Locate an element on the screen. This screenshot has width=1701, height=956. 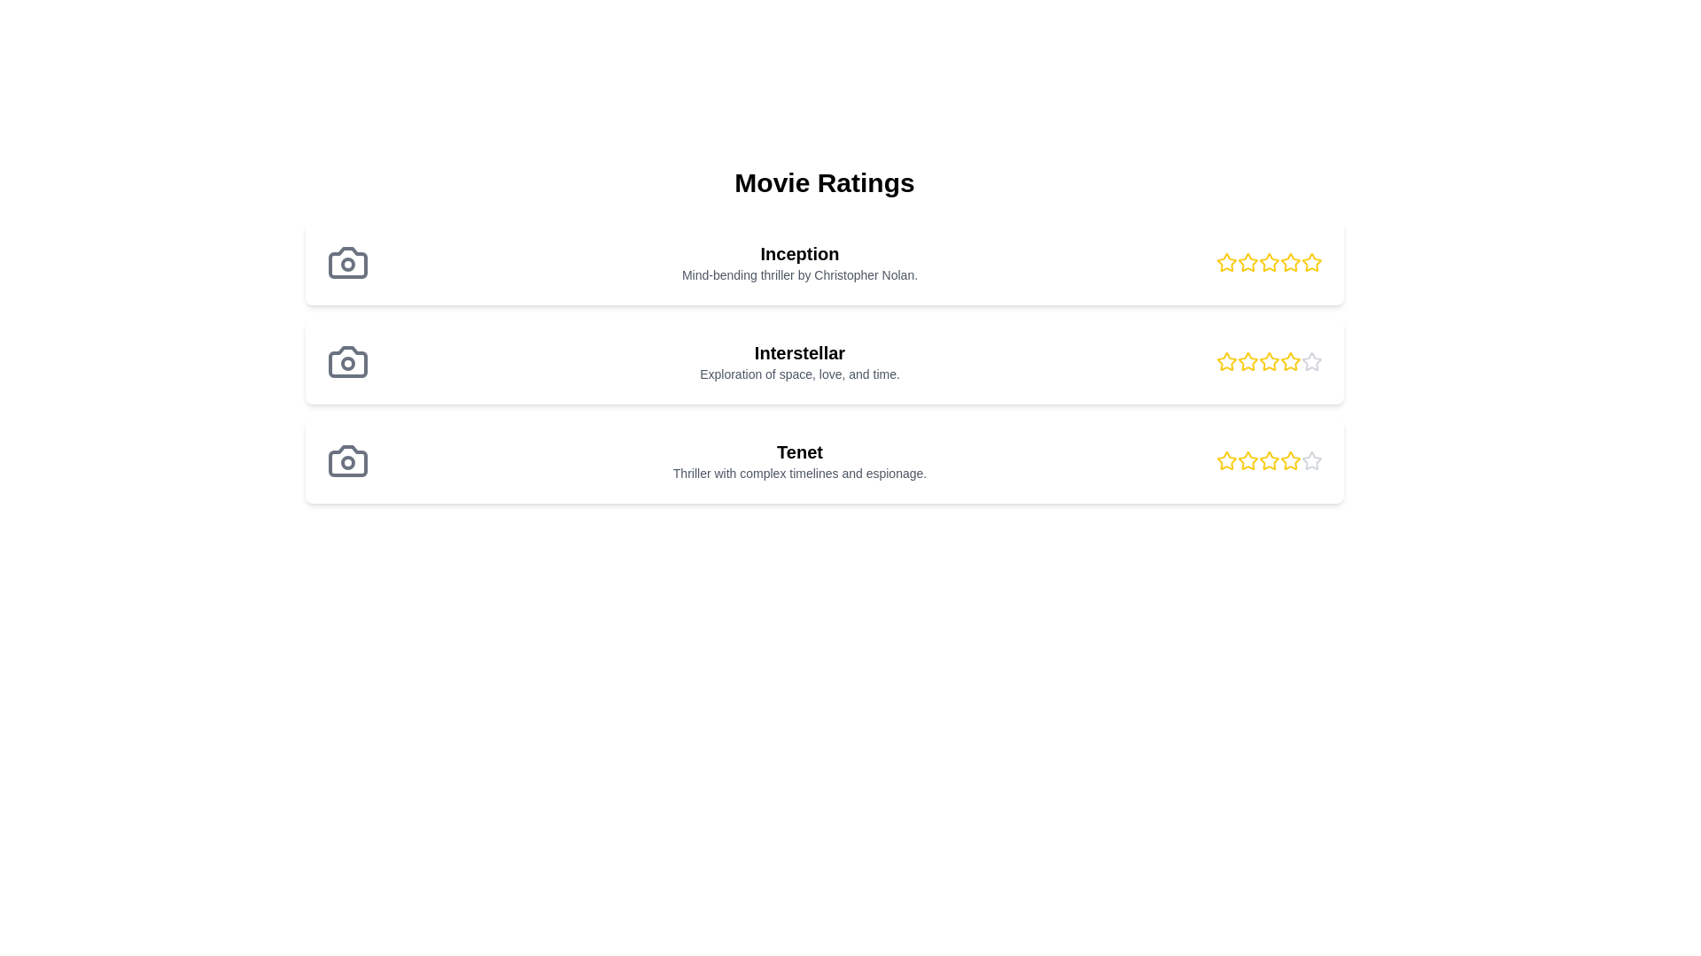
the fourth yellow star icon in the rating system for the movie 'Interstellar' is located at coordinates (1269, 360).